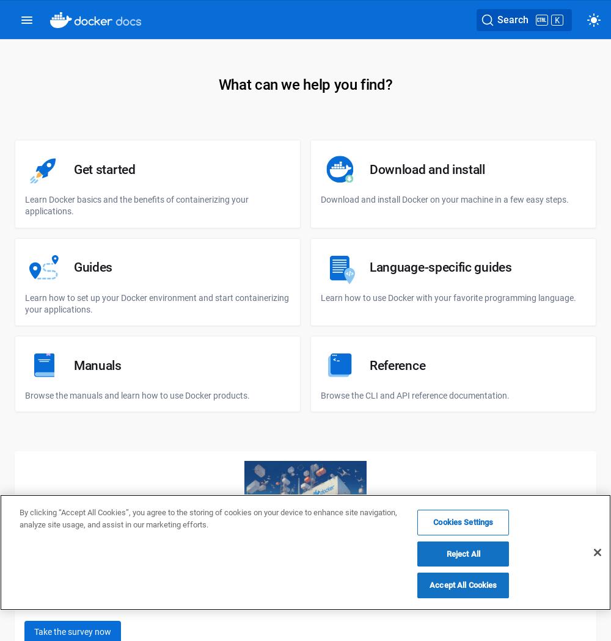 This screenshot has height=641, width=611. What do you see at coordinates (440, 266) in the screenshot?
I see `'Language-specific guides'` at bounding box center [440, 266].